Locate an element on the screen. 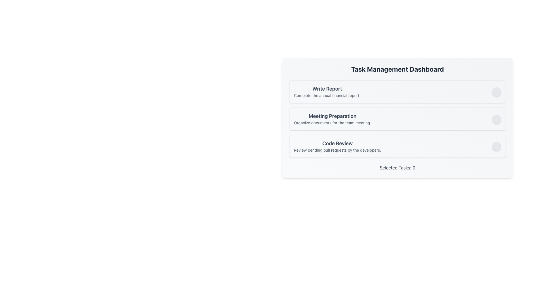  the second task card in the vertical stack of task items within the 'Task Management Dashboard' is located at coordinates (397, 115).